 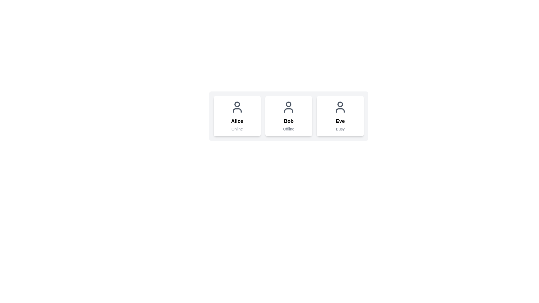 What do you see at coordinates (289, 107) in the screenshot?
I see `the user icon representing 'Bob' in the center card of the user cards` at bounding box center [289, 107].